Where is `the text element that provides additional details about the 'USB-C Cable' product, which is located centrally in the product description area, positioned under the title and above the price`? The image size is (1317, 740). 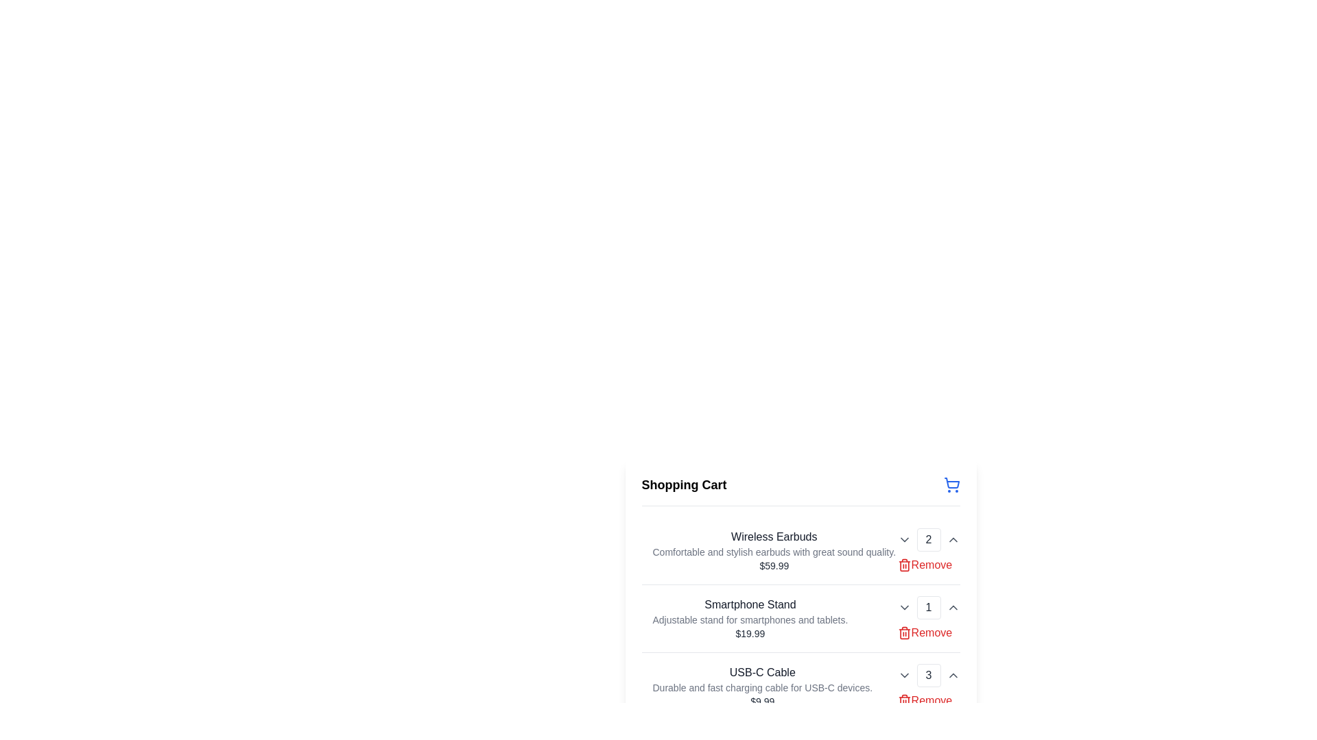 the text element that provides additional details about the 'USB-C Cable' product, which is located centrally in the product description area, positioned under the title and above the price is located at coordinates (761, 687).